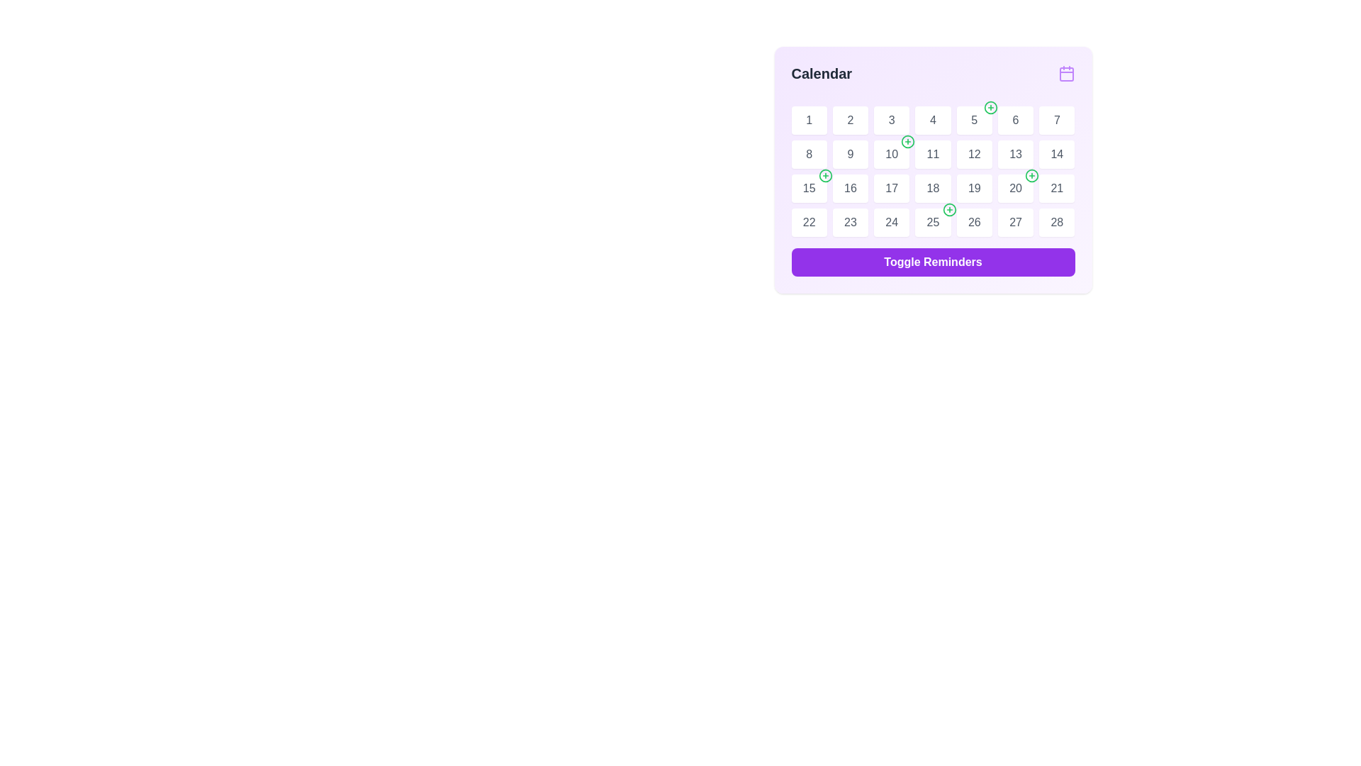  Describe the element at coordinates (851, 188) in the screenshot. I see `the static text display showing the number '16' in a gray font, located in the 3rd row and 2nd column of the calendar grid` at that location.